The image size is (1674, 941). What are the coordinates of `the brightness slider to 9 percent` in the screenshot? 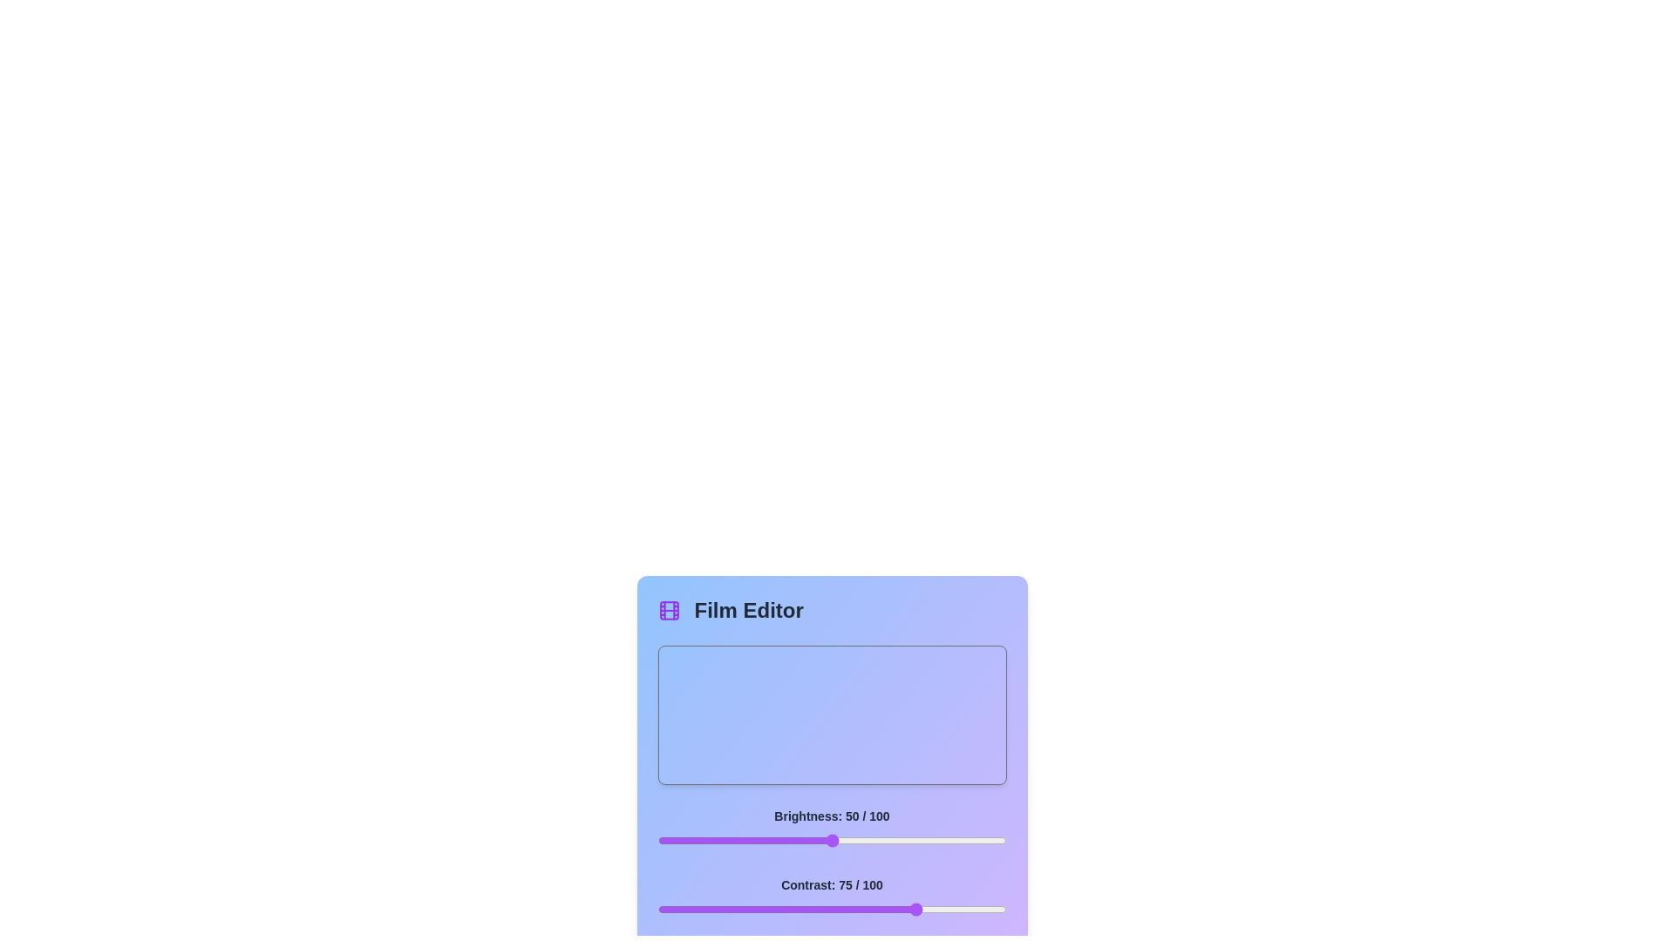 It's located at (688, 839).